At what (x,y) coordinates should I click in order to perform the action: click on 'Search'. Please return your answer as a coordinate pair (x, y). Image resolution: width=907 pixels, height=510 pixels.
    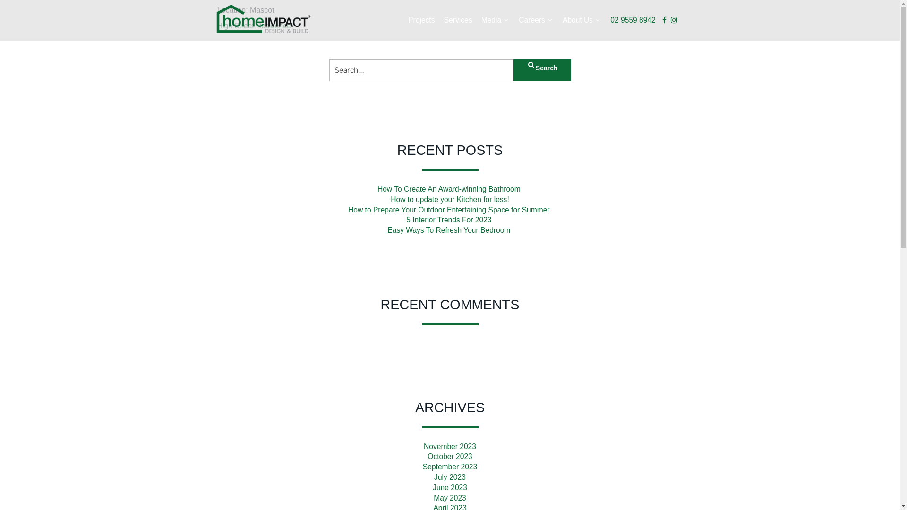
    Looking at the image, I should click on (542, 70).